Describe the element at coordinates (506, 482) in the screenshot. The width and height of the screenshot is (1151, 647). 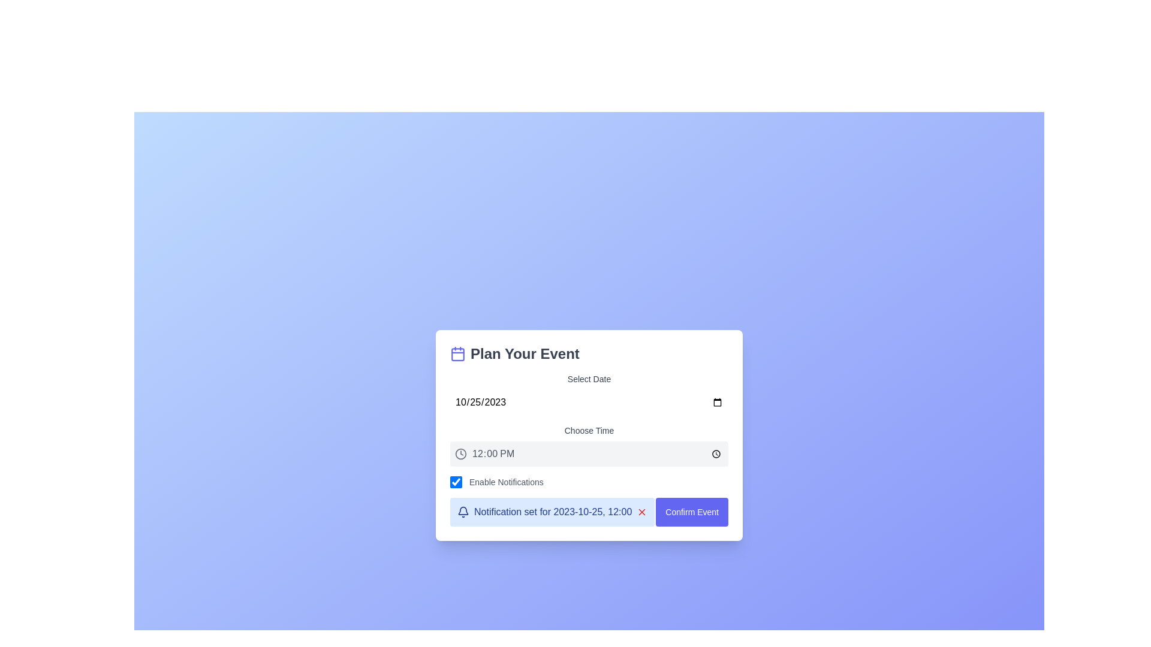
I see `the descriptive label associated with the 'Enable Notifications' checkbox on the event planning form, which is positioned to the right of the checkbox` at that location.